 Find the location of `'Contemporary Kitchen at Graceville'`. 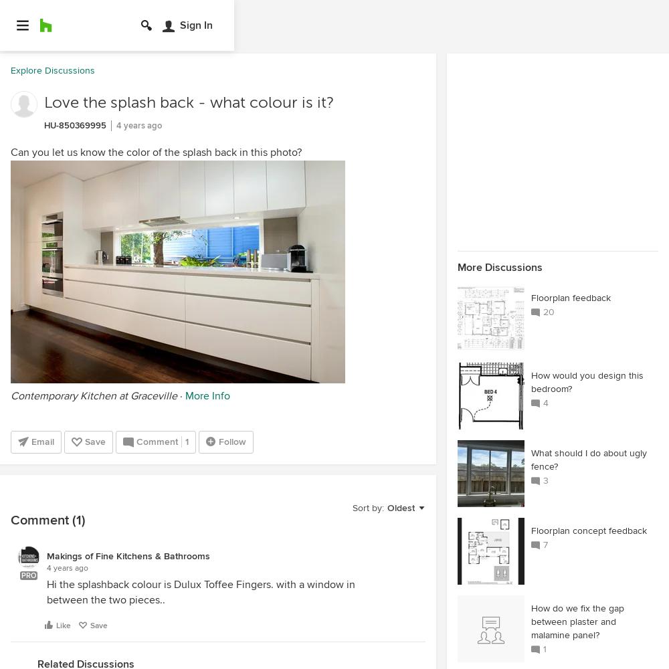

'Contemporary Kitchen at Graceville' is located at coordinates (94, 395).